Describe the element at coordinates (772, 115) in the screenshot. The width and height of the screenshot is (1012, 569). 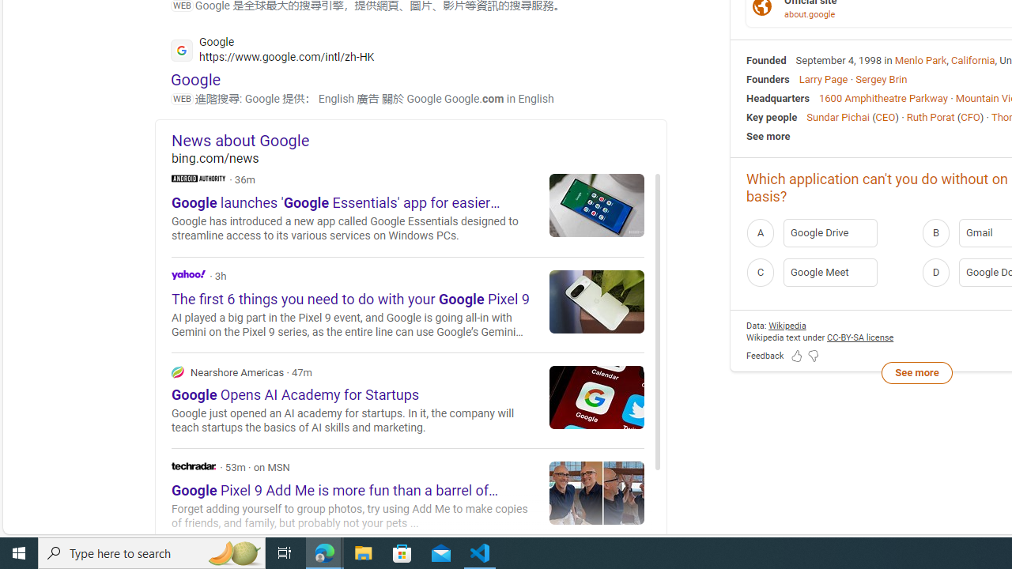
I see `'Key people'` at that location.